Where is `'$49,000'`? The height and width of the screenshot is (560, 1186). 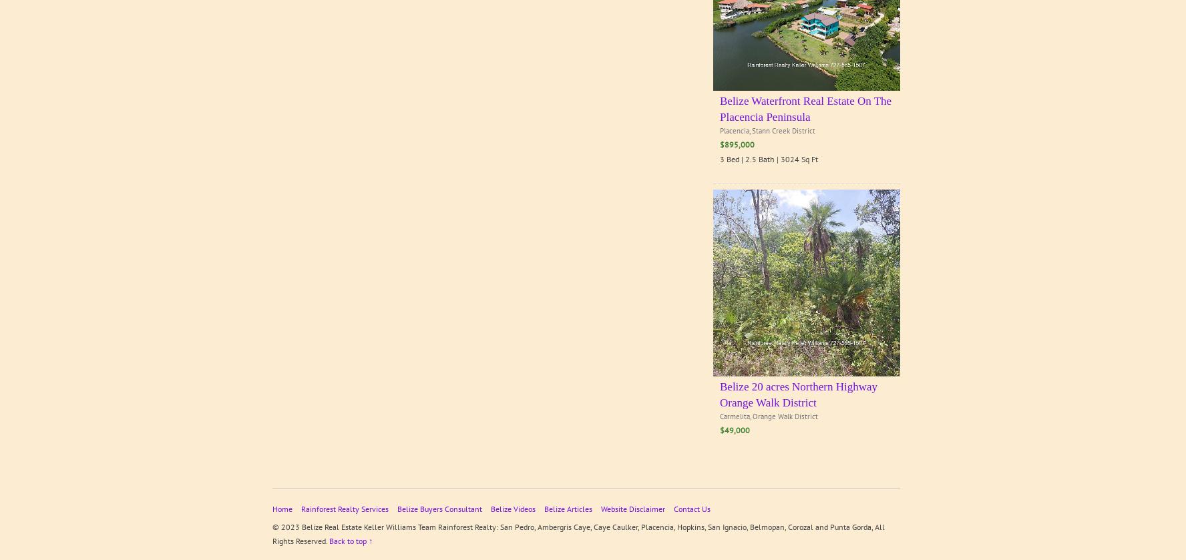 '$49,000' is located at coordinates (734, 429).